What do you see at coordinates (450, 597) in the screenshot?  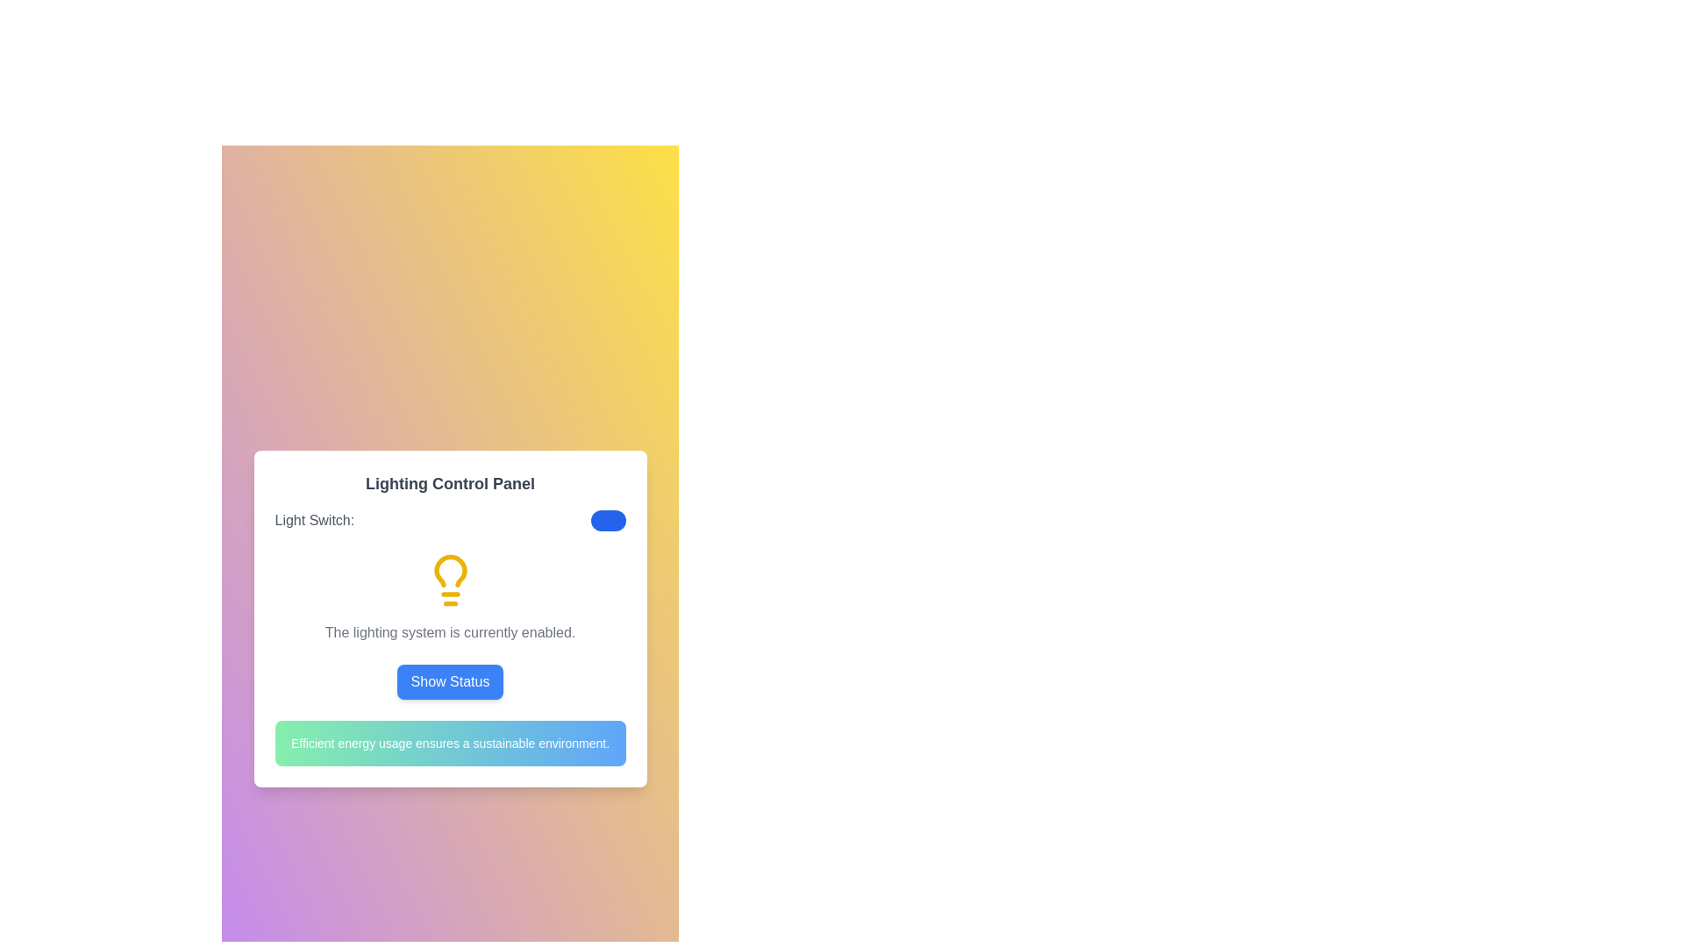 I see `the Text with icon element that features a yellow light bulb pictogram and reads 'The lighting system is currently enabled.'` at bounding box center [450, 597].